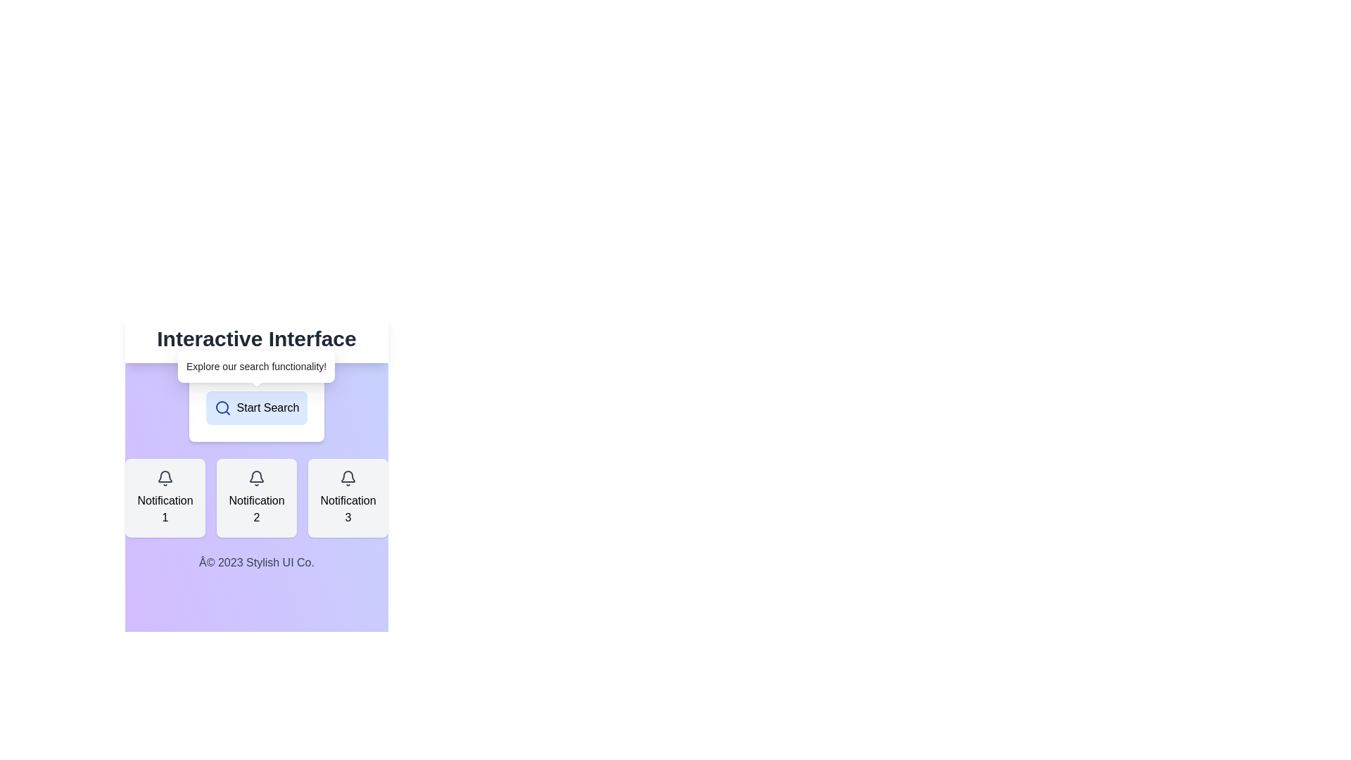 The image size is (1351, 760). Describe the element at coordinates (256, 339) in the screenshot. I see `the heading element that displays 'Interactive Interface' in bold, large, dark font, located at the top of the section` at that location.